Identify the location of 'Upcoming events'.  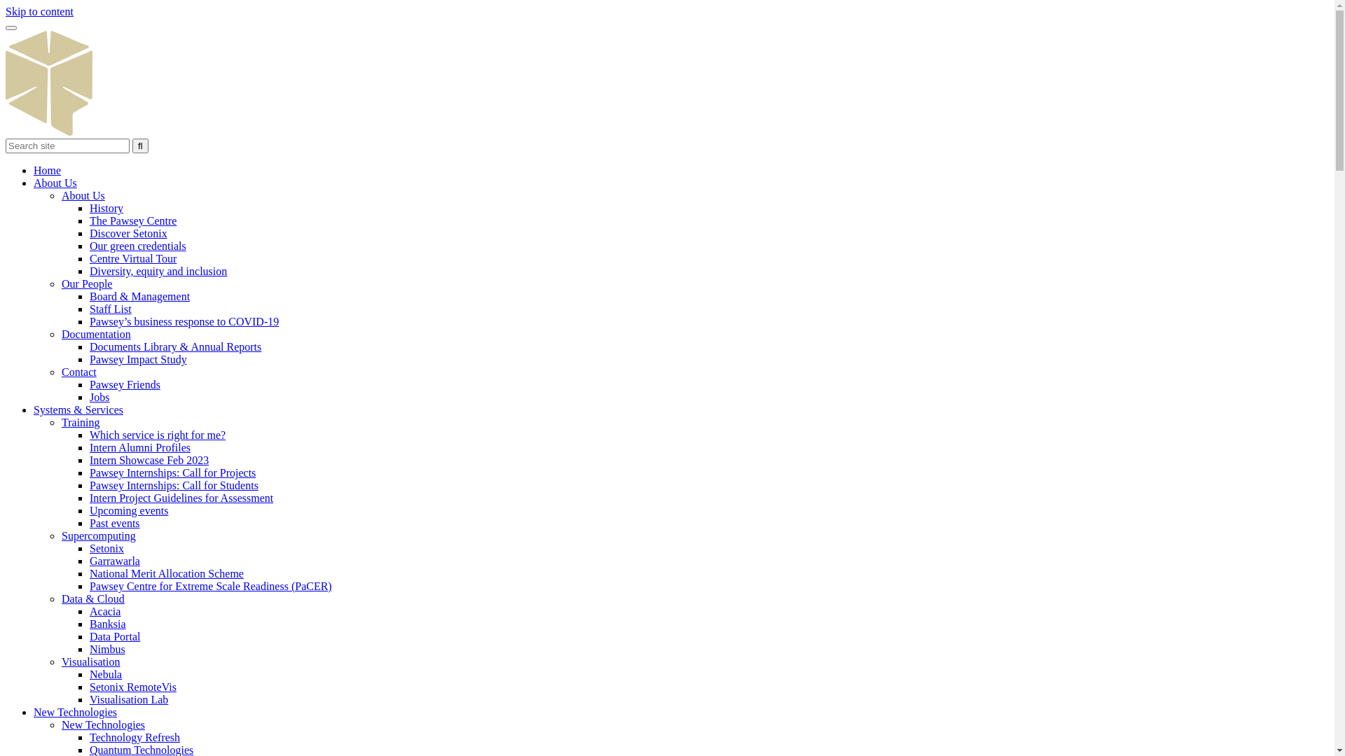
(128, 510).